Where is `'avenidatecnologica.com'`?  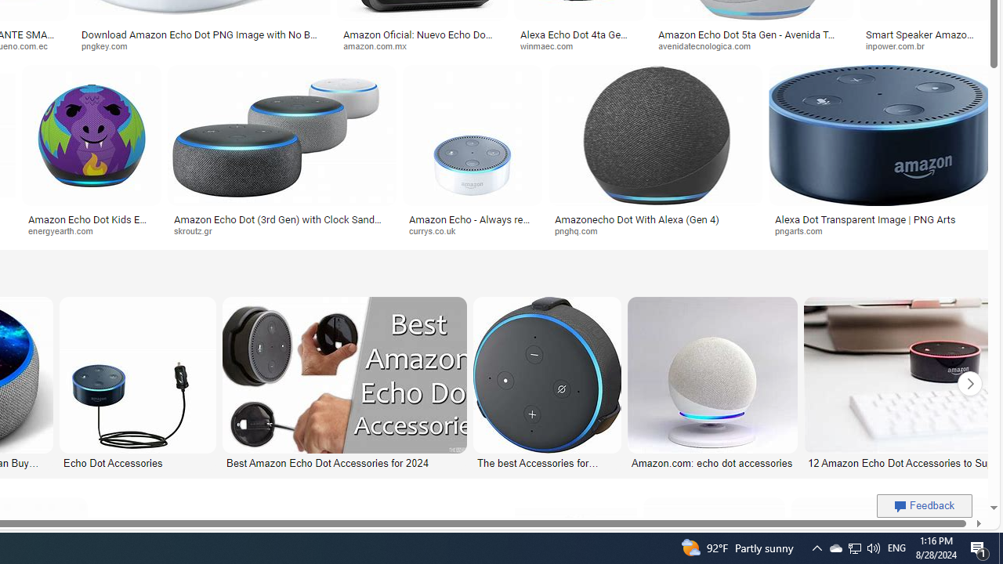 'avenidatecnologica.com' is located at coordinates (709, 45).